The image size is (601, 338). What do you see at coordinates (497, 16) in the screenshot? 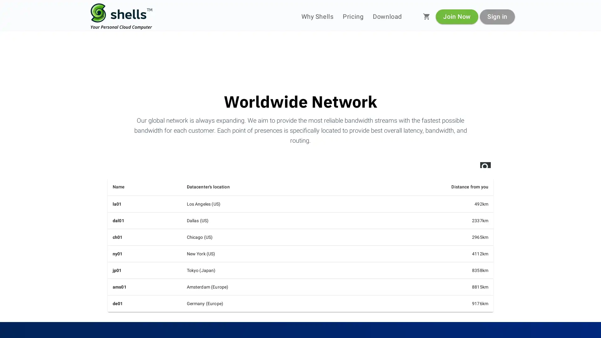
I see `Sign in` at bounding box center [497, 16].